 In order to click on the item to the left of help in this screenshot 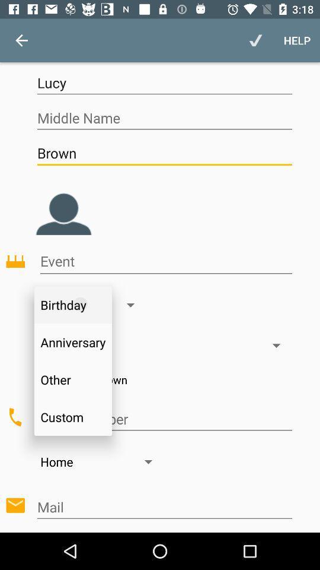, I will do `click(255, 40)`.